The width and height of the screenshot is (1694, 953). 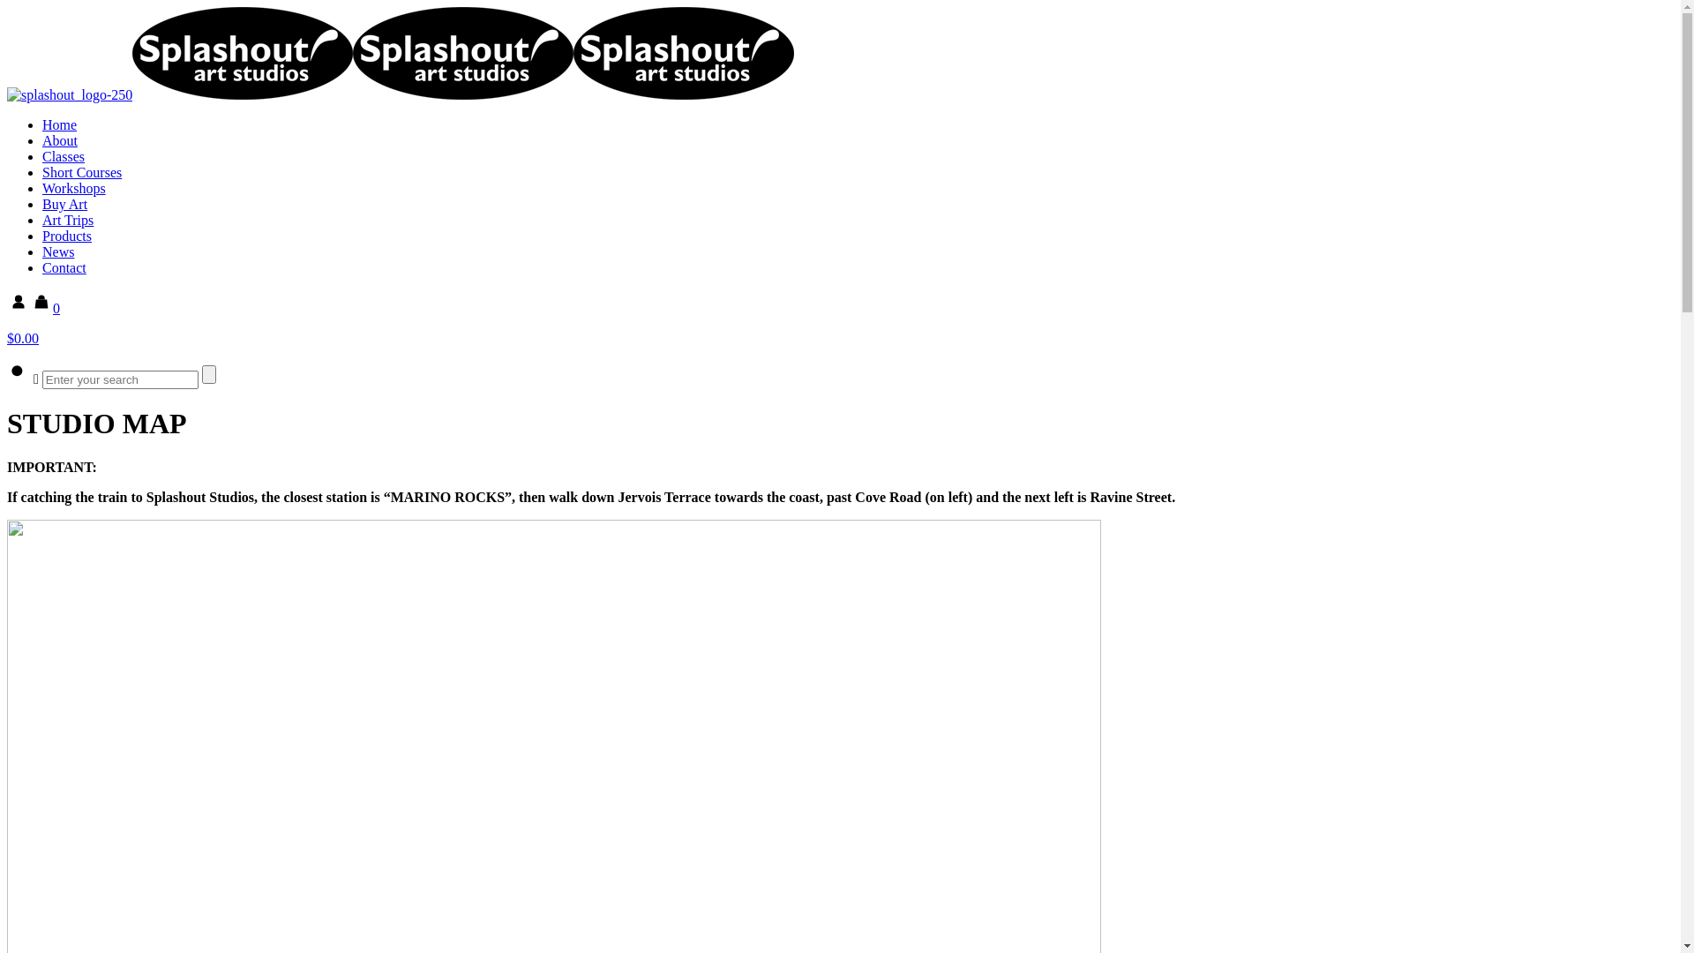 What do you see at coordinates (72, 188) in the screenshot?
I see `'Workshops'` at bounding box center [72, 188].